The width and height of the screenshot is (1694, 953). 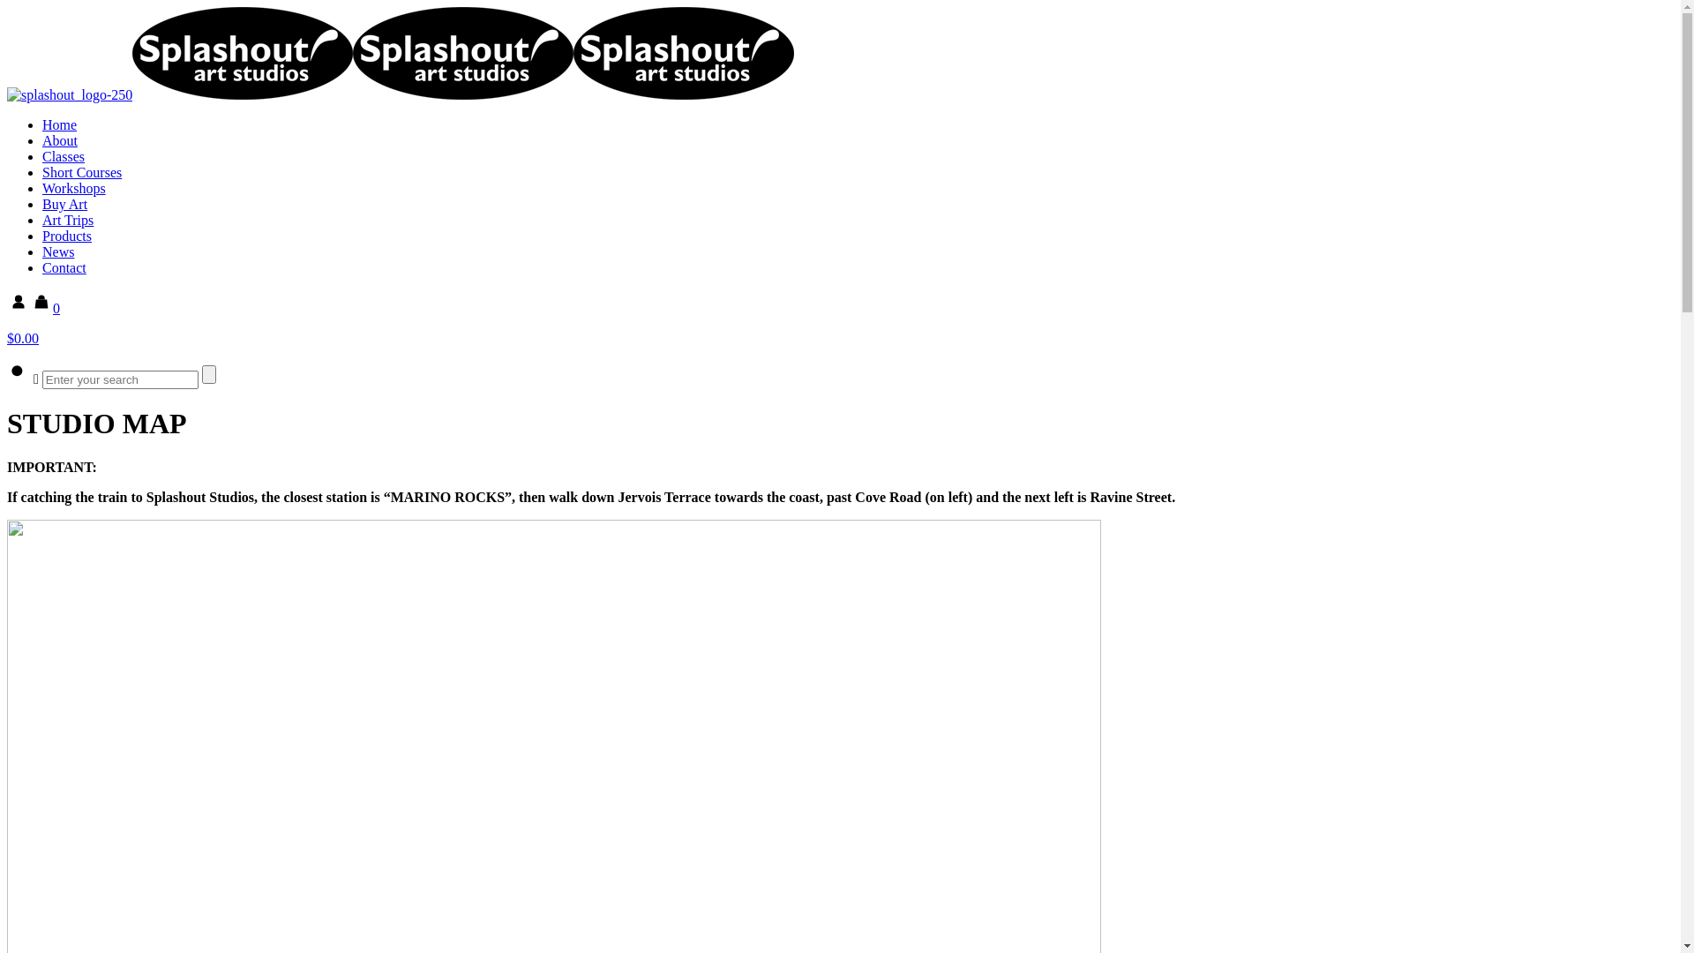 What do you see at coordinates (72, 188) in the screenshot?
I see `'Workshops'` at bounding box center [72, 188].